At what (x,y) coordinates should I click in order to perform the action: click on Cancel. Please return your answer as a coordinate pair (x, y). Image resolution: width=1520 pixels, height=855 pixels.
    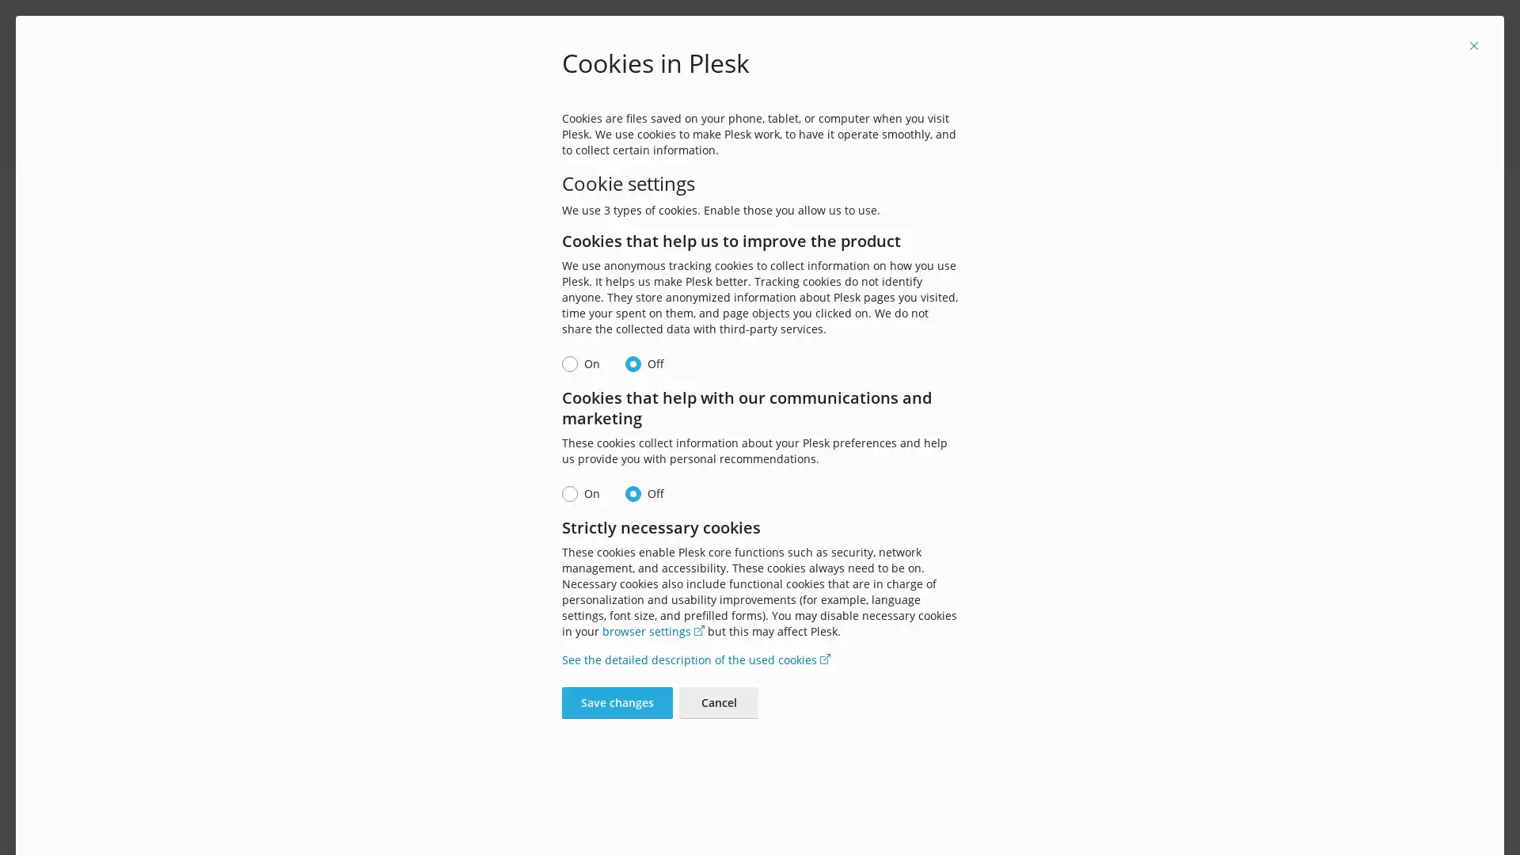
    Looking at the image, I should click on (717, 701).